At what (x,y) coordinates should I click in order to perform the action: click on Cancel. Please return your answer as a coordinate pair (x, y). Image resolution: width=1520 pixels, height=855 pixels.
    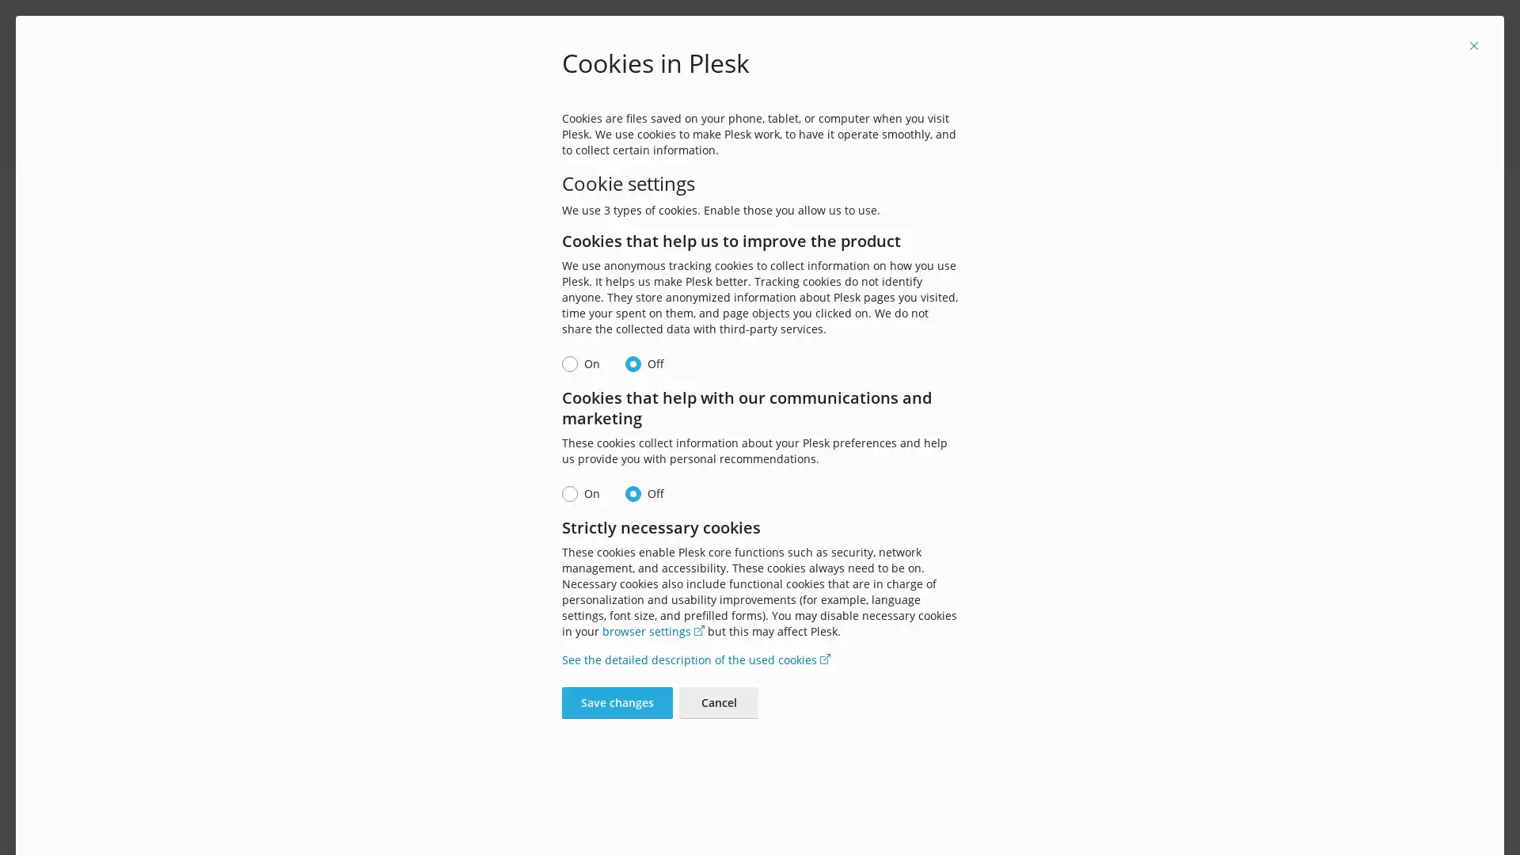
    Looking at the image, I should click on (717, 701).